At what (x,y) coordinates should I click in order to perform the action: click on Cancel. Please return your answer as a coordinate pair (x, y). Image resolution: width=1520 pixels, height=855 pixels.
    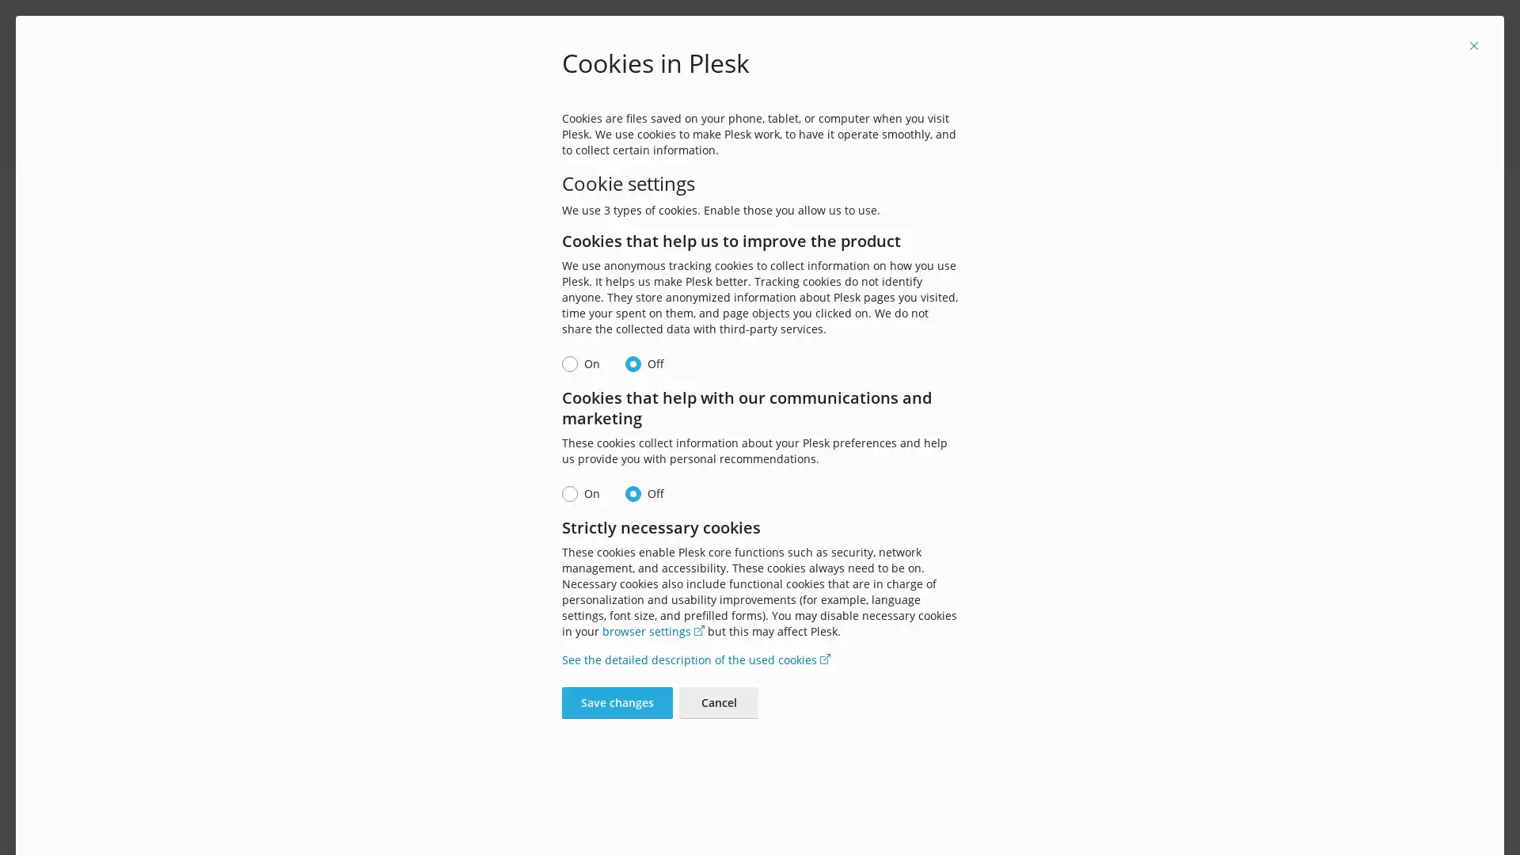
    Looking at the image, I should click on (717, 701).